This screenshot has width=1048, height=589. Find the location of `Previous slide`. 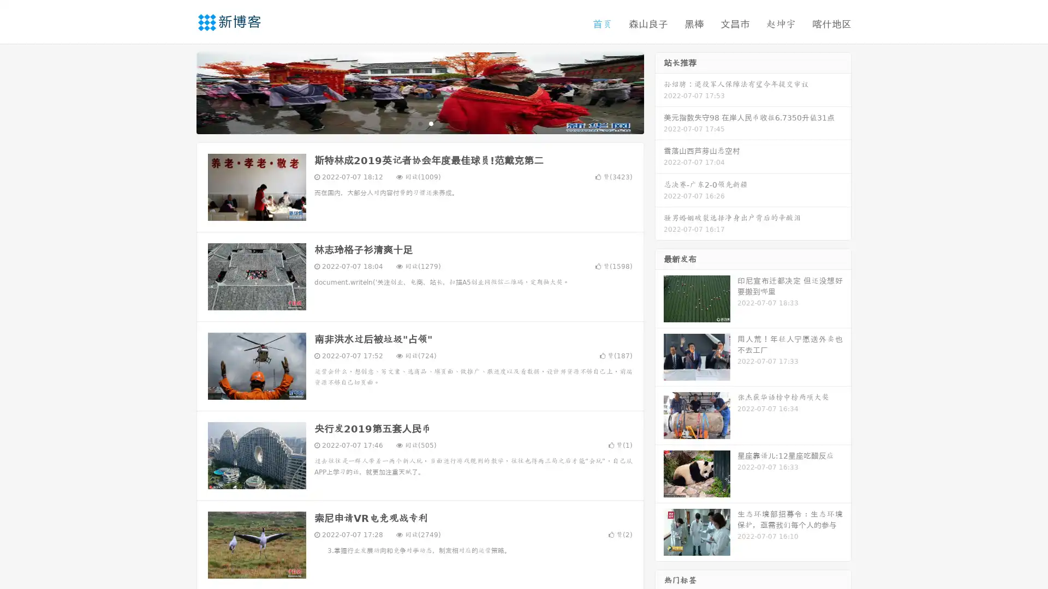

Previous slide is located at coordinates (180, 92).